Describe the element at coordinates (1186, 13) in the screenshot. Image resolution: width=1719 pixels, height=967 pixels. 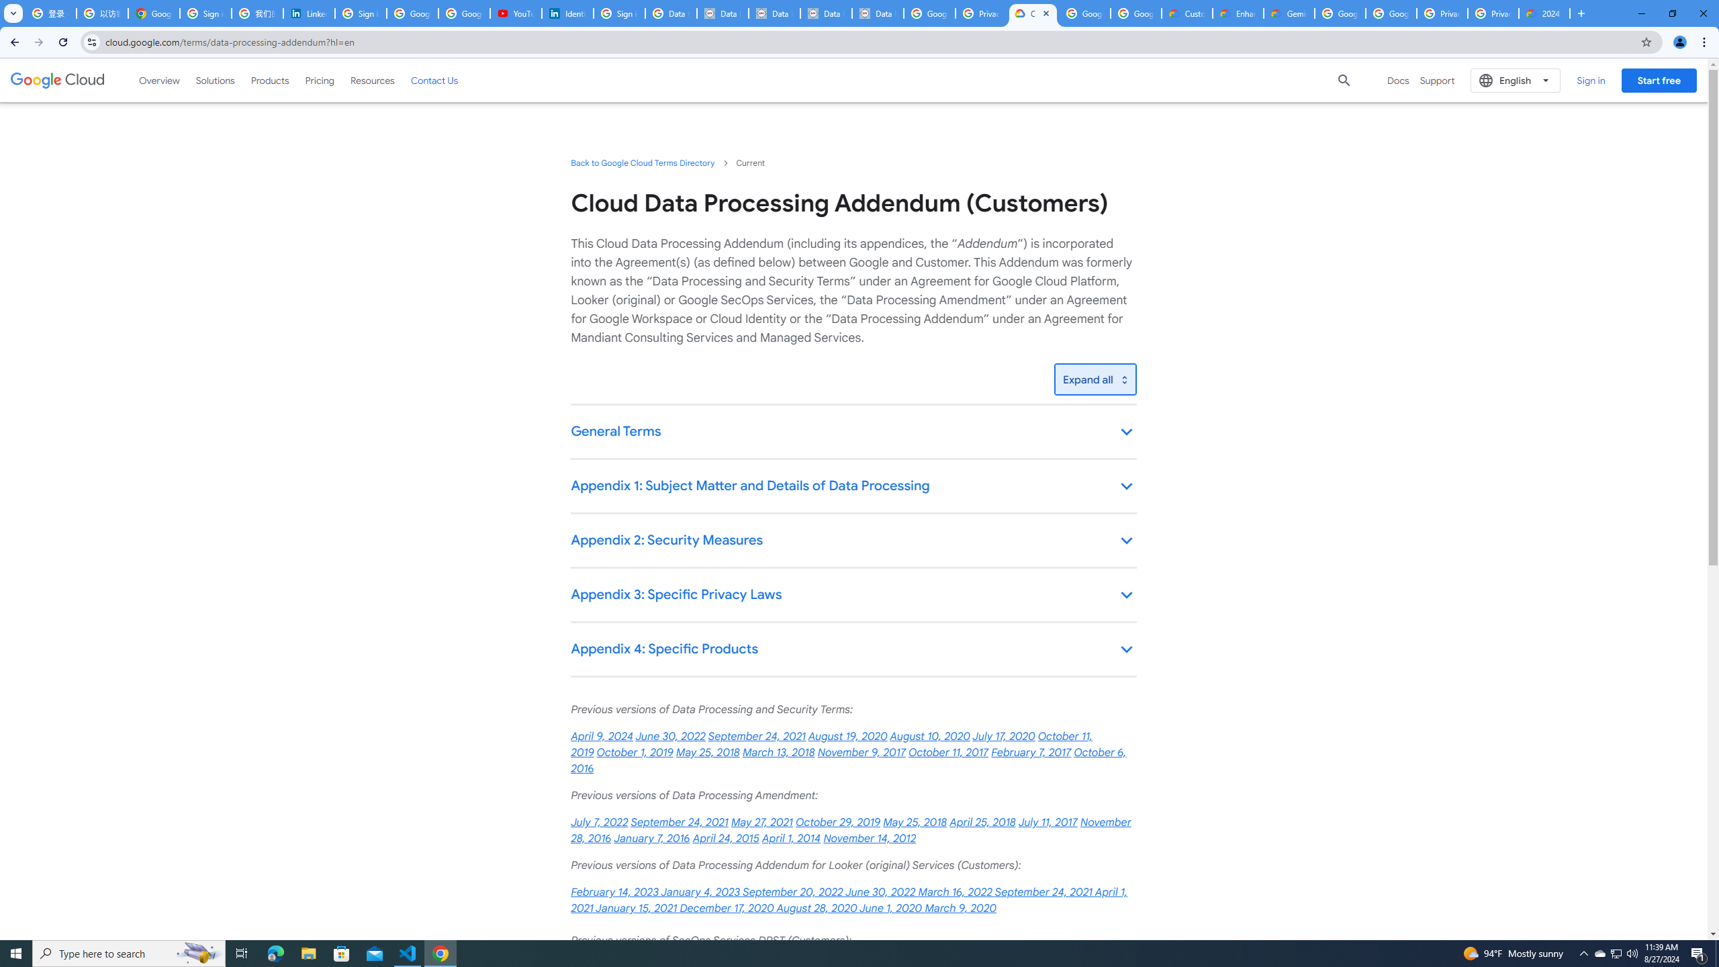
I see `'Customer Care | Google Cloud'` at that location.